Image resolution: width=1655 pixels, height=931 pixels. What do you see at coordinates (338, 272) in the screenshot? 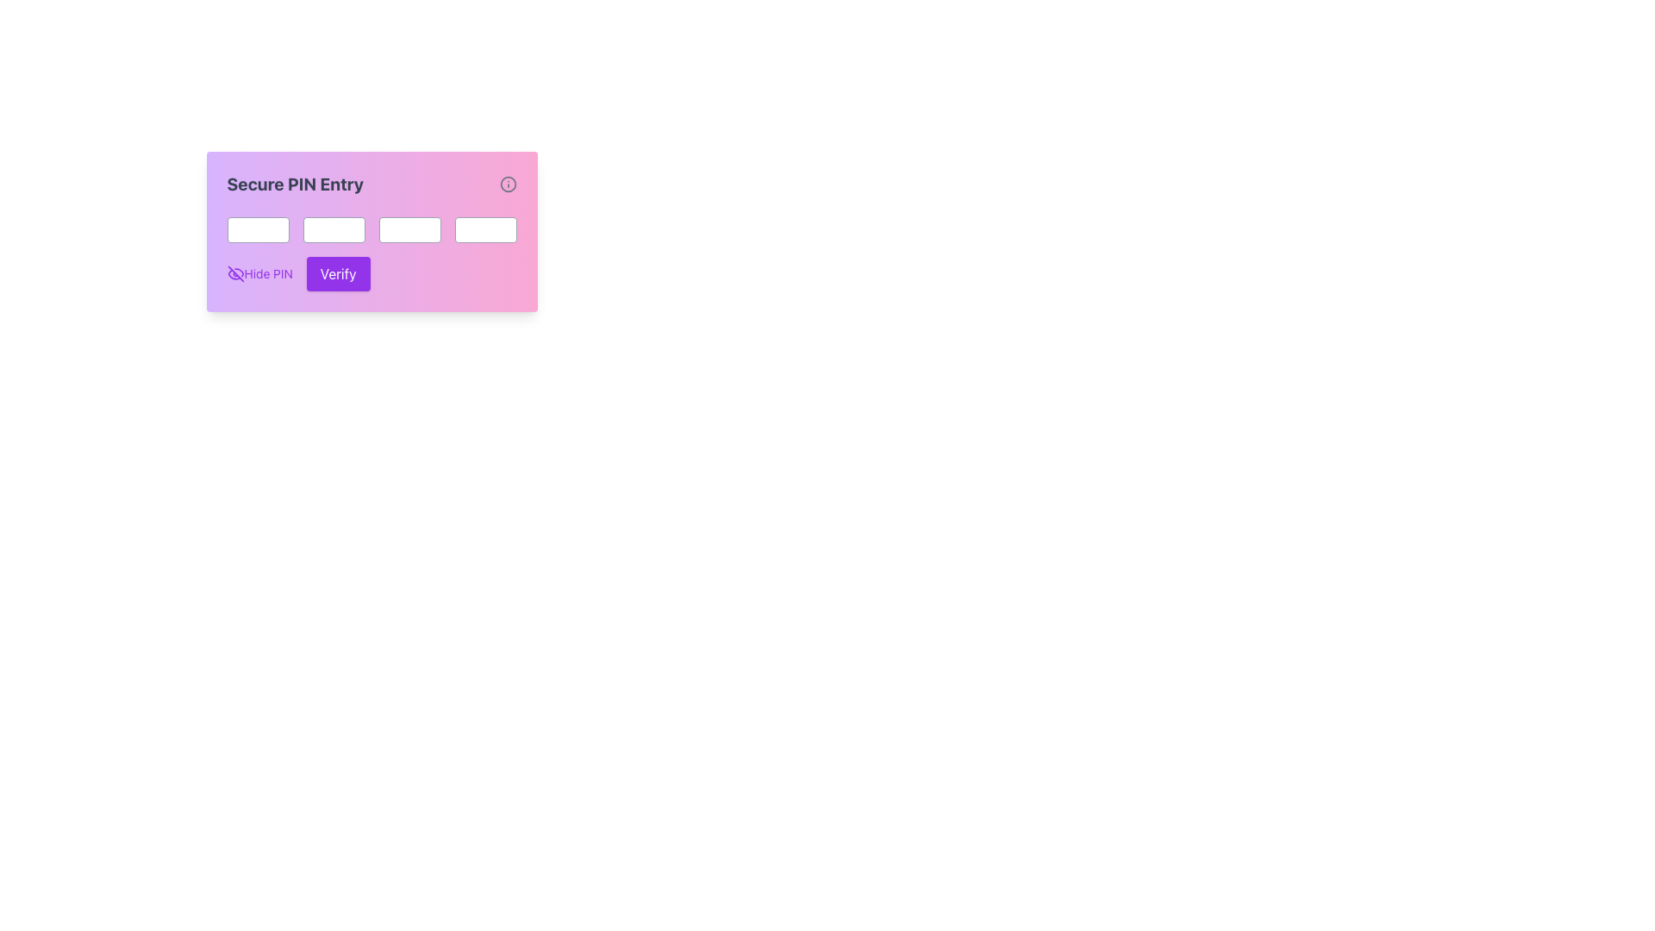
I see `the 'Verify' button, which is a rectangular button with a purple background and white text, located centrally below the PIN entry boxes` at bounding box center [338, 272].